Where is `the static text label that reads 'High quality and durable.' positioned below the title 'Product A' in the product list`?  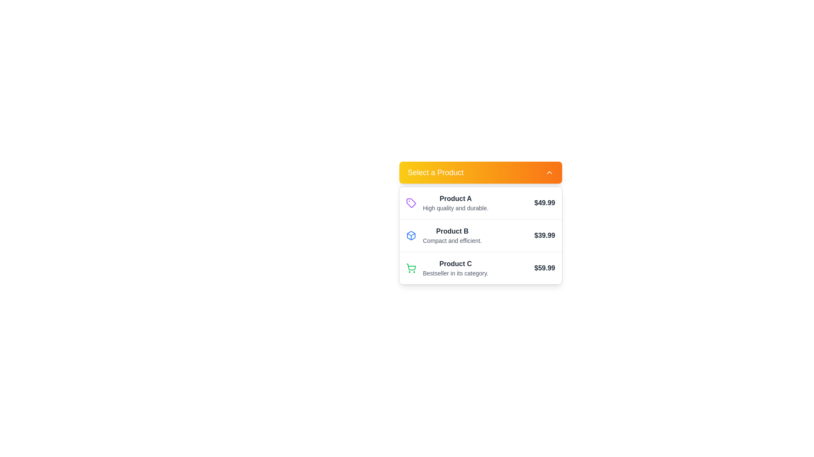
the static text label that reads 'High quality and durable.' positioned below the title 'Product A' in the product list is located at coordinates (455, 208).